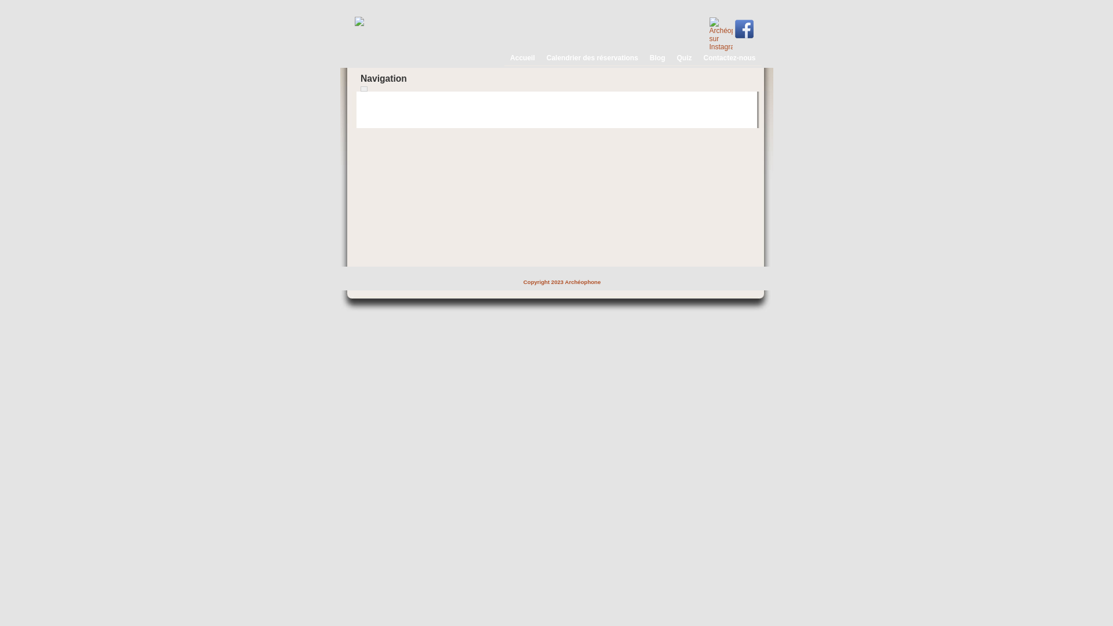 The image size is (1113, 626). Describe the element at coordinates (683, 56) in the screenshot. I see `'Quiz'` at that location.